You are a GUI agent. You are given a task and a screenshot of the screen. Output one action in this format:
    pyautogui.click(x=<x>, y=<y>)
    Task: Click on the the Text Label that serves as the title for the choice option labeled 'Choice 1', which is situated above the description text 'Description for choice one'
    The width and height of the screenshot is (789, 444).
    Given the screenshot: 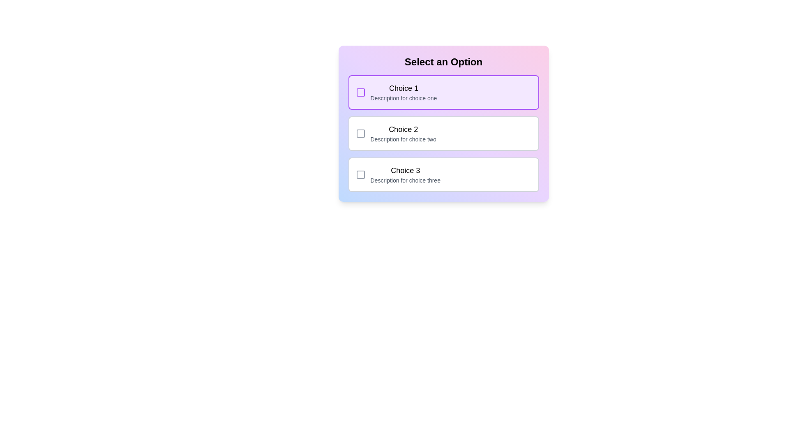 What is the action you would take?
    pyautogui.click(x=404, y=88)
    